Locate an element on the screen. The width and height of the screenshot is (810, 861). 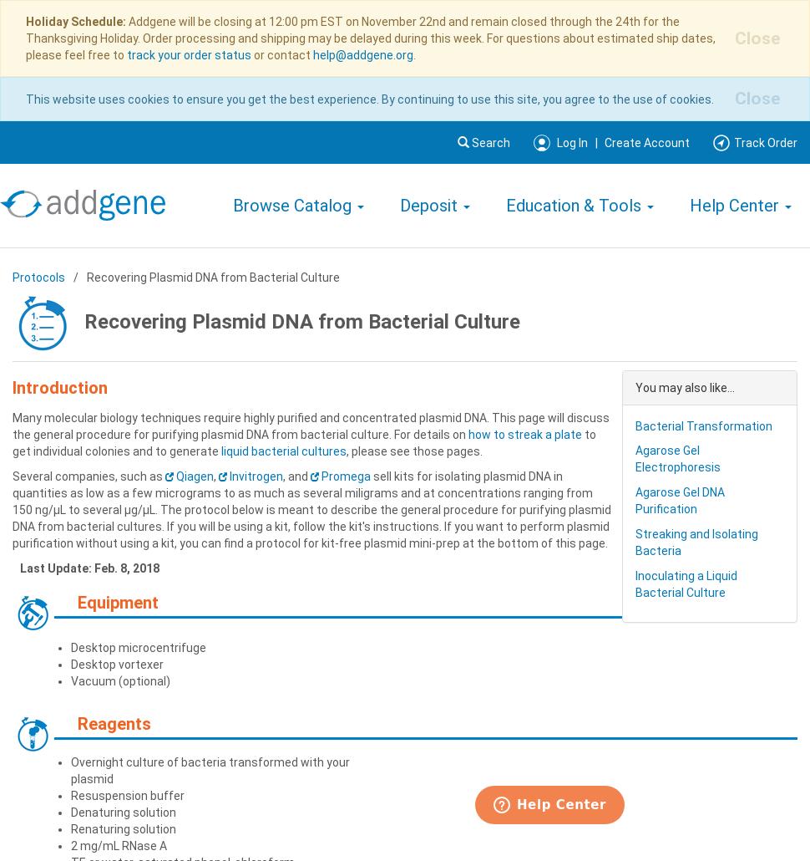
'You may also like...' is located at coordinates (685, 385).